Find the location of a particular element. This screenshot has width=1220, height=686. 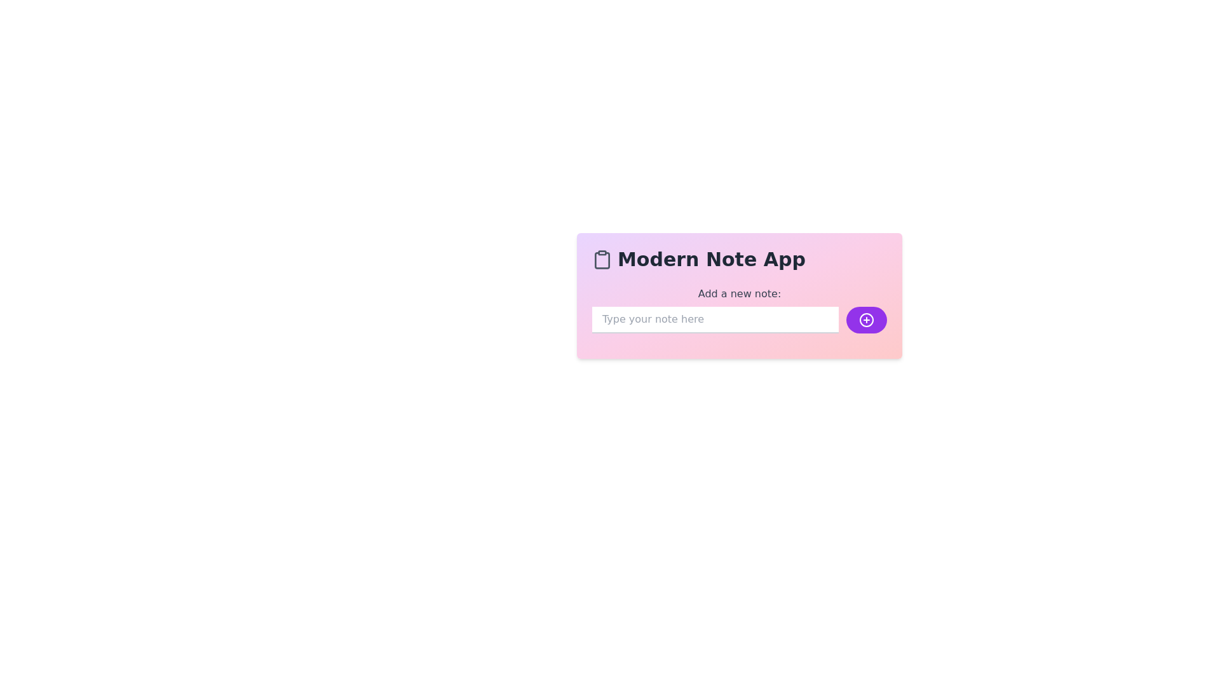

the purple button with a white circular plus icon is located at coordinates (865, 319).